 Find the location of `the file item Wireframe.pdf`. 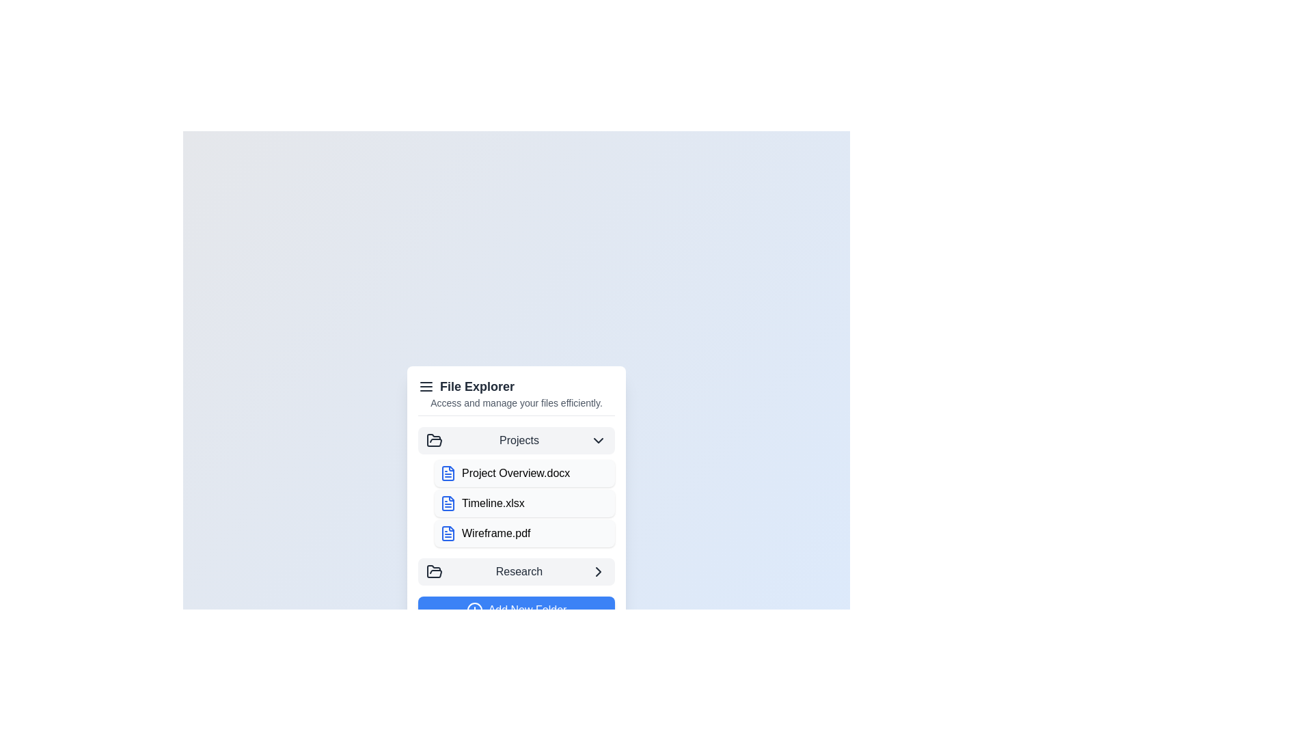

the file item Wireframe.pdf is located at coordinates (524, 532).